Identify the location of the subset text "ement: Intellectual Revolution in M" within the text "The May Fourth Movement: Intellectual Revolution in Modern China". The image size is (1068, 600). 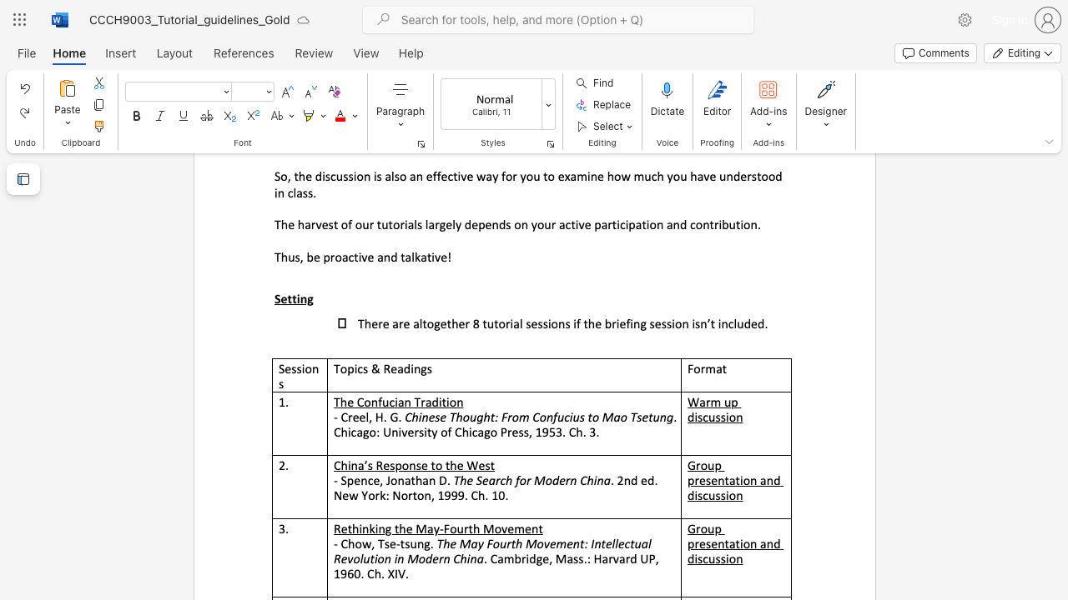
(549, 543).